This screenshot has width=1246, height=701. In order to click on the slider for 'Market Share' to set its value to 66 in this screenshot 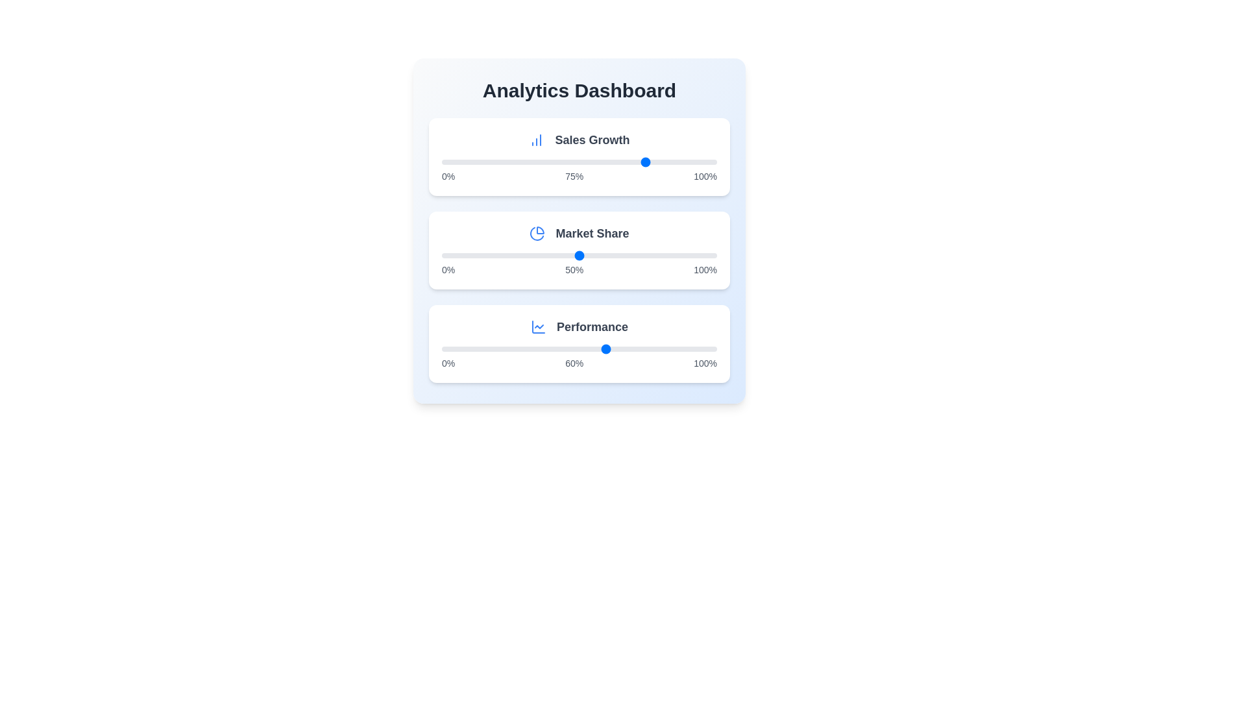, I will do `click(623, 255)`.